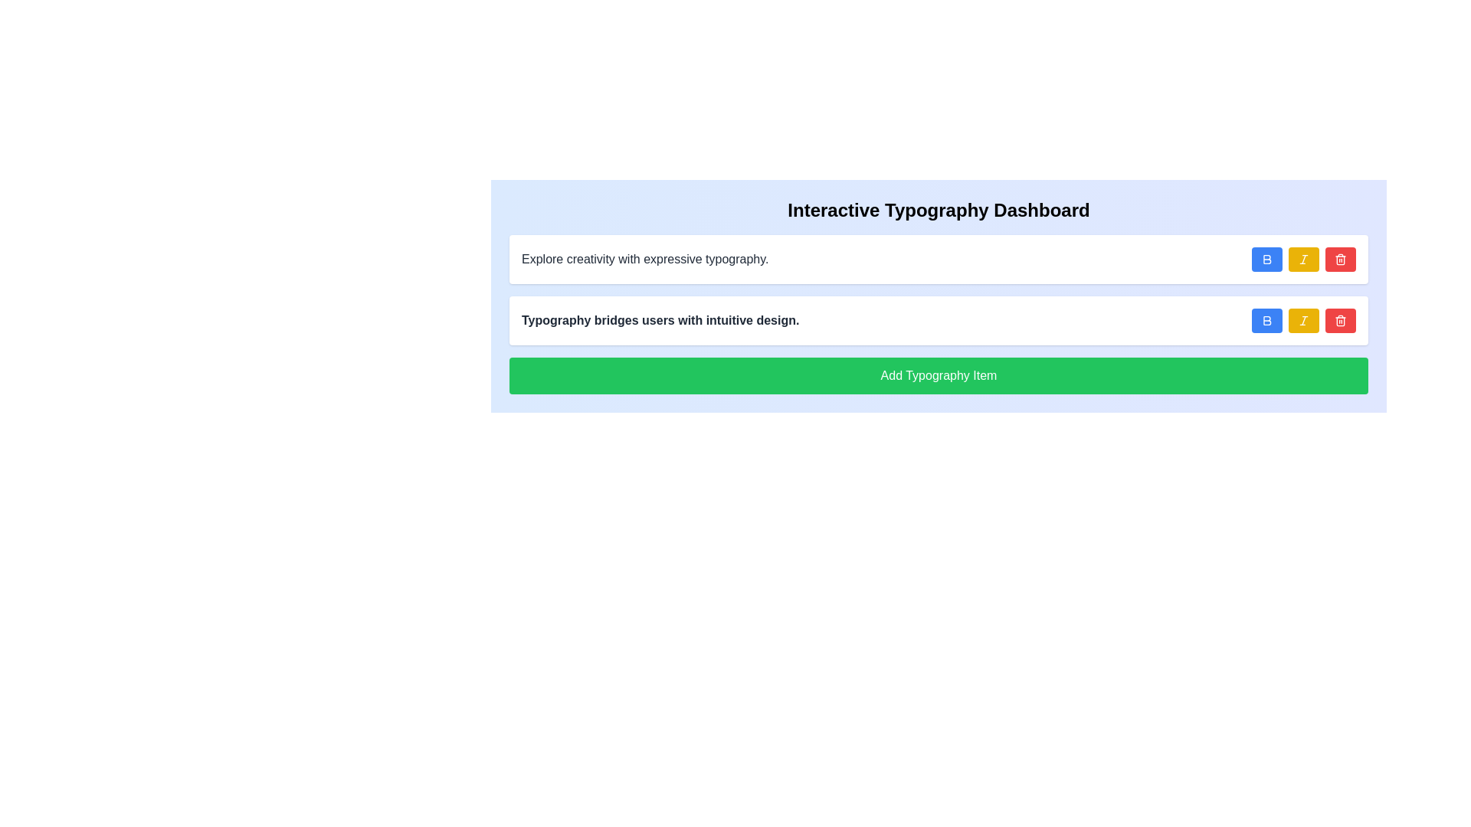 The height and width of the screenshot is (827, 1471). I want to click on the bold icon button with a rounded letter B on a blue background, so click(1267, 259).